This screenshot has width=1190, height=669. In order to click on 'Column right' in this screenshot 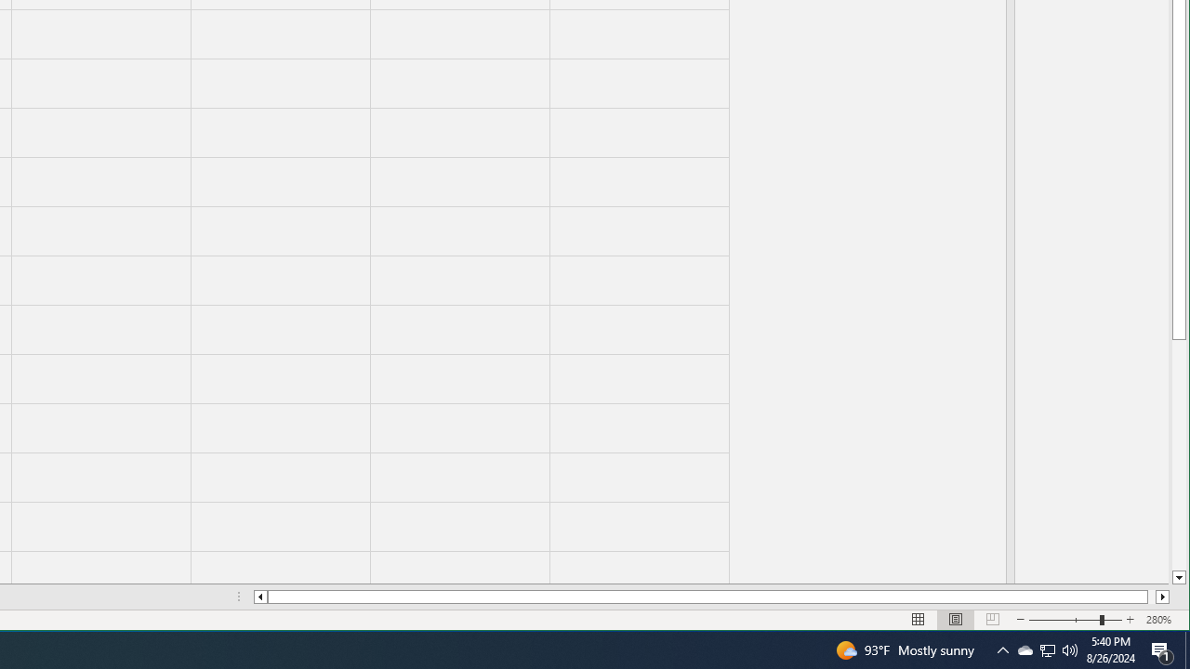, I will do `click(1162, 597)`.